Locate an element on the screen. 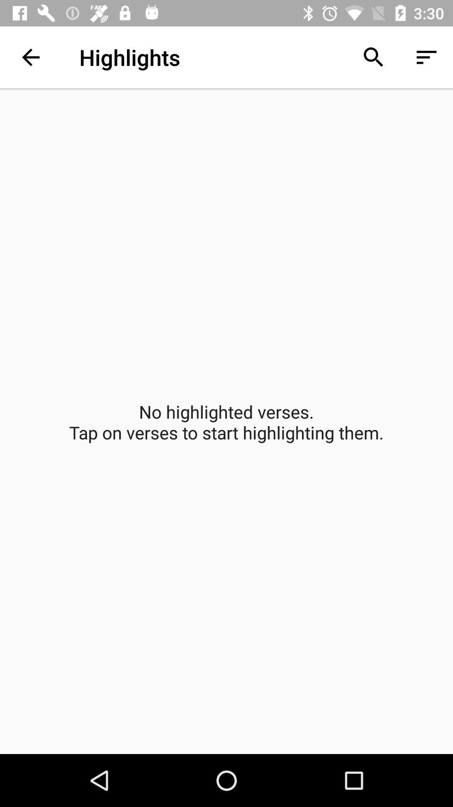 Image resolution: width=453 pixels, height=807 pixels. the app to the left of the highlights app is located at coordinates (30, 57).